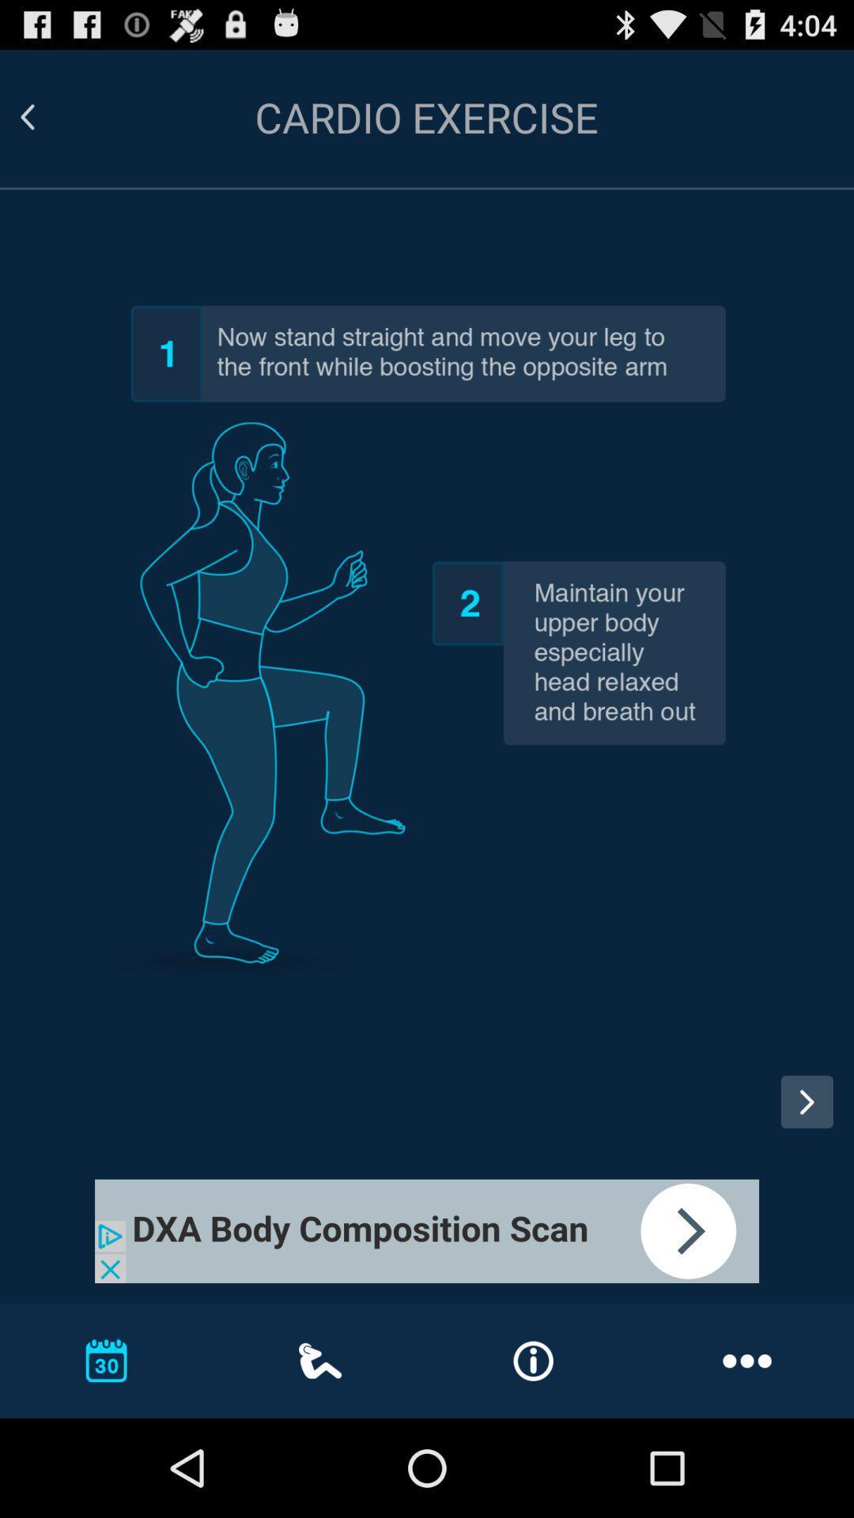 Image resolution: width=854 pixels, height=1518 pixels. I want to click on the arrow_backward icon, so click(46, 123).